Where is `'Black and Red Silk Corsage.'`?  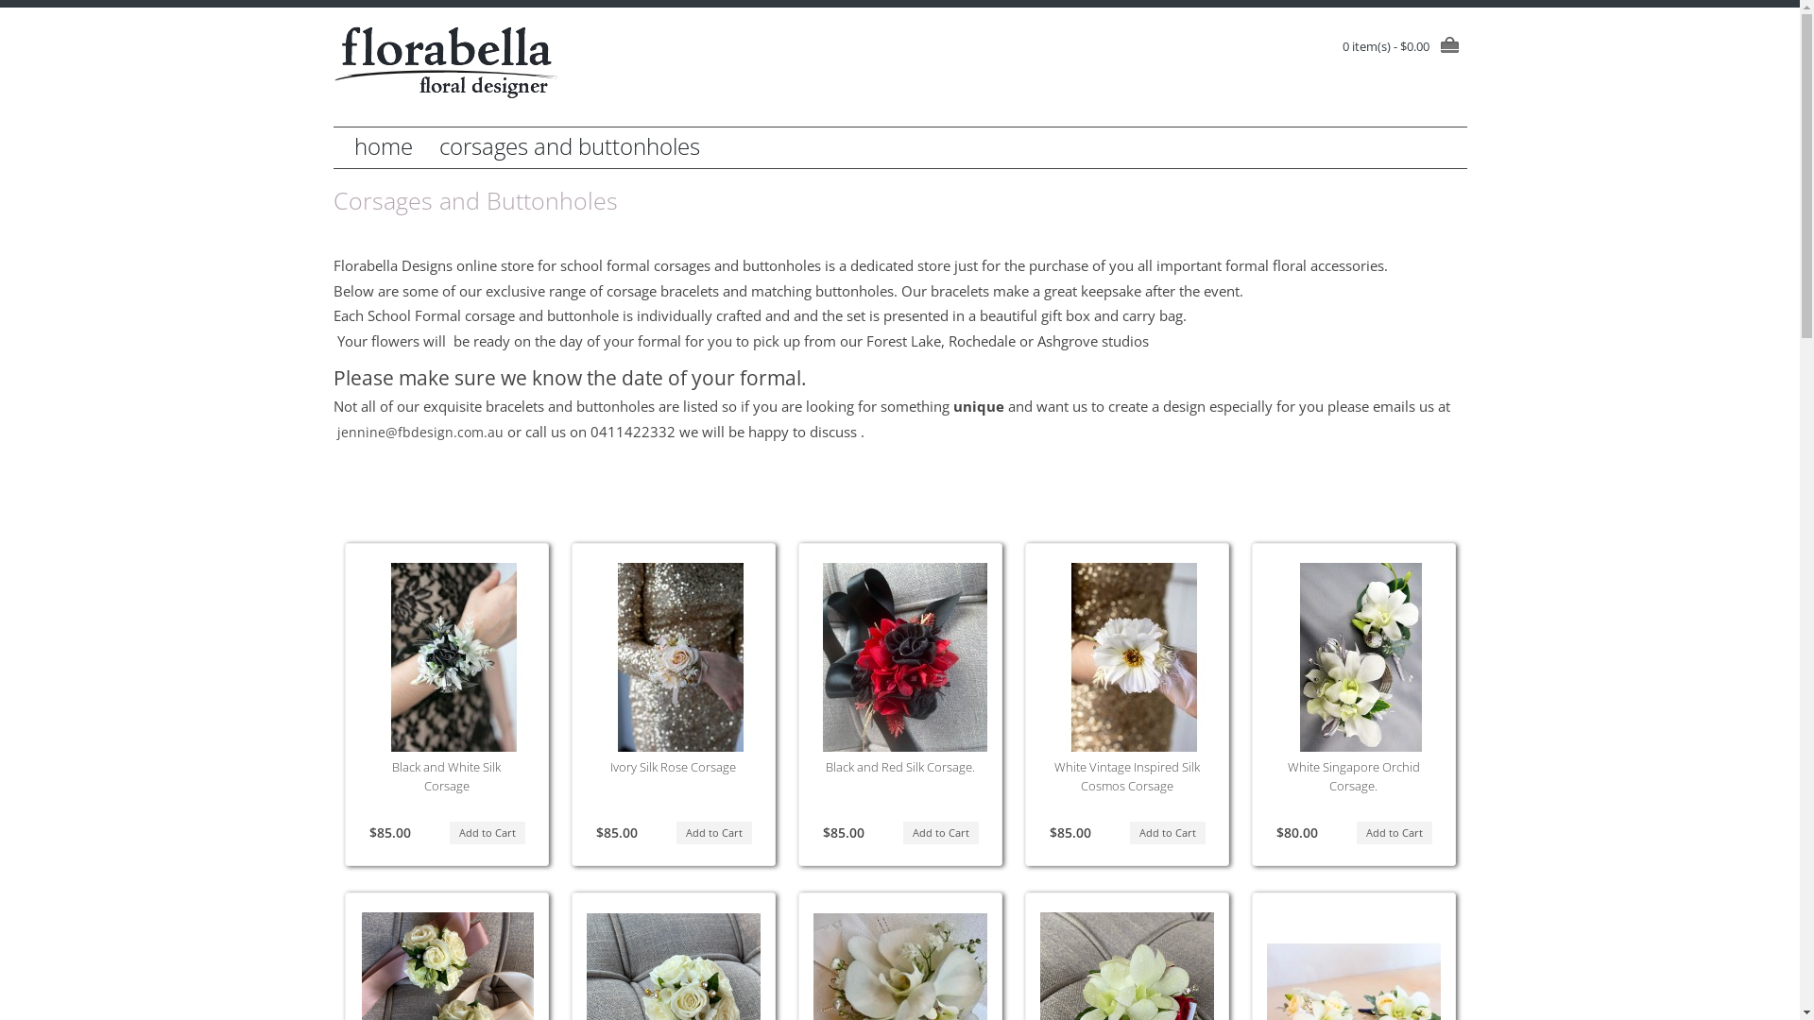
'Black and Red Silk Corsage.' is located at coordinates (899, 767).